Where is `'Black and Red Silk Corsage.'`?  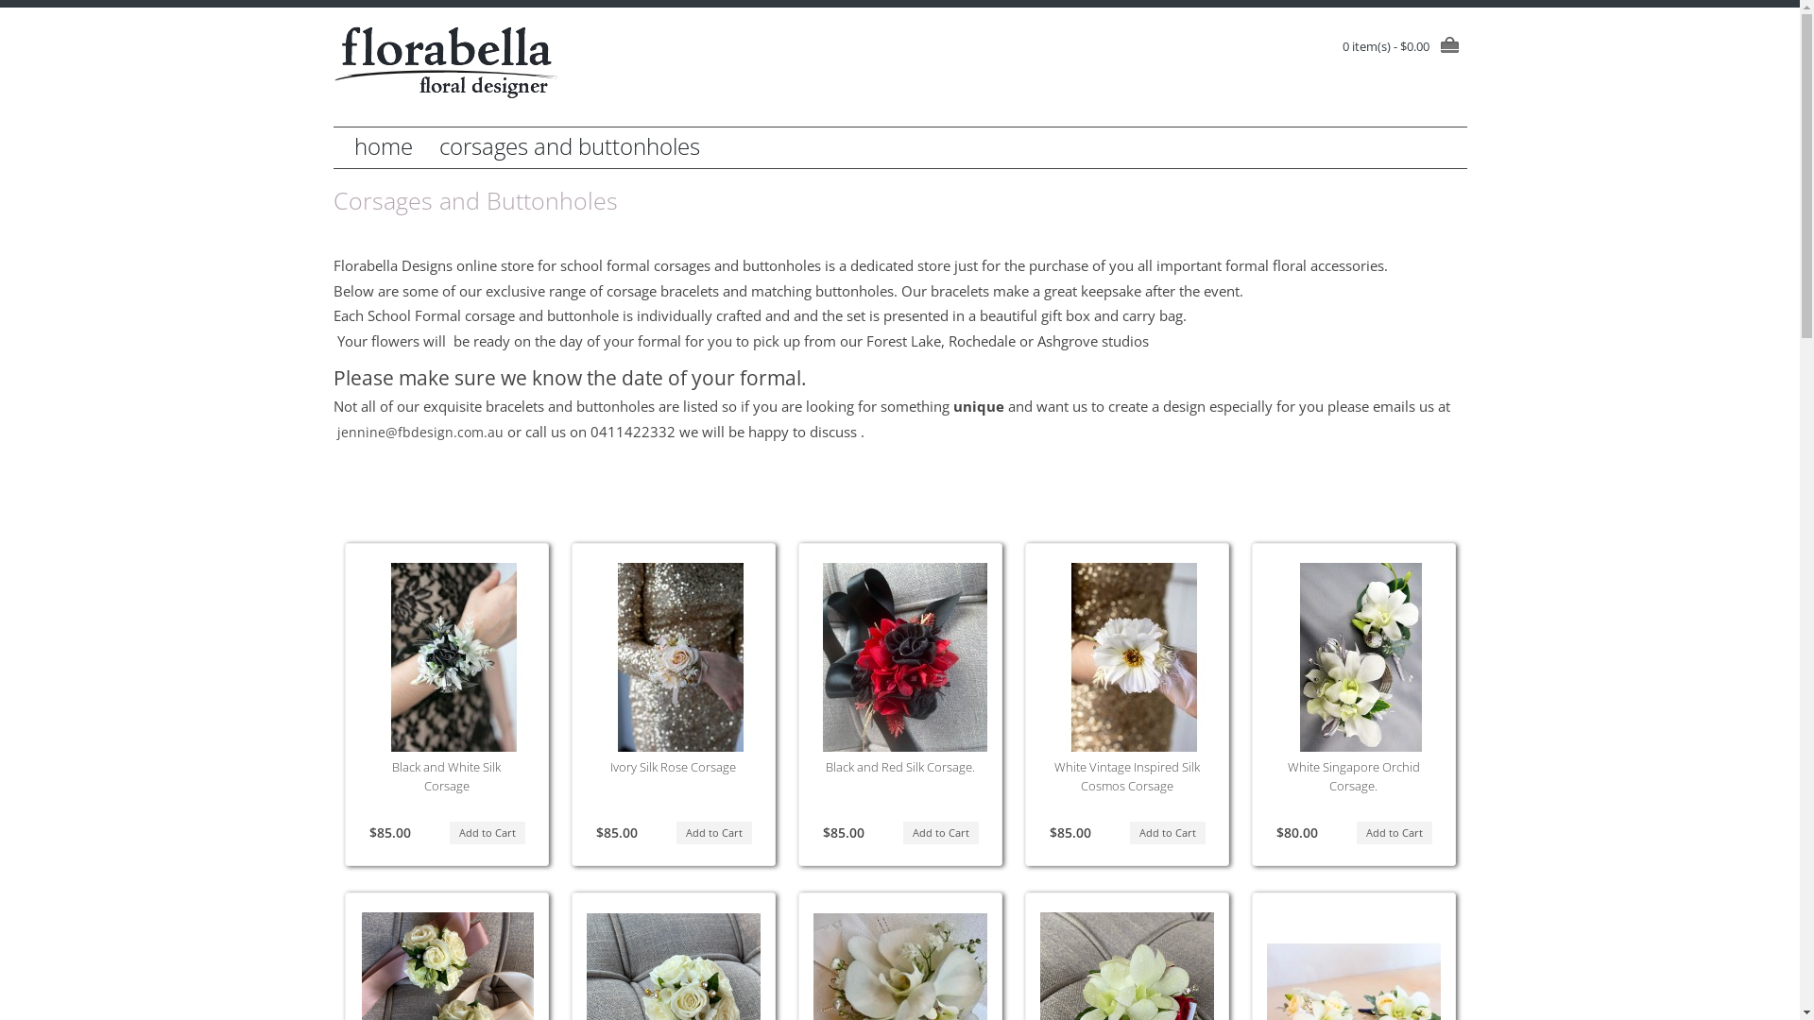
'Black and Red Silk Corsage.' is located at coordinates (899, 767).